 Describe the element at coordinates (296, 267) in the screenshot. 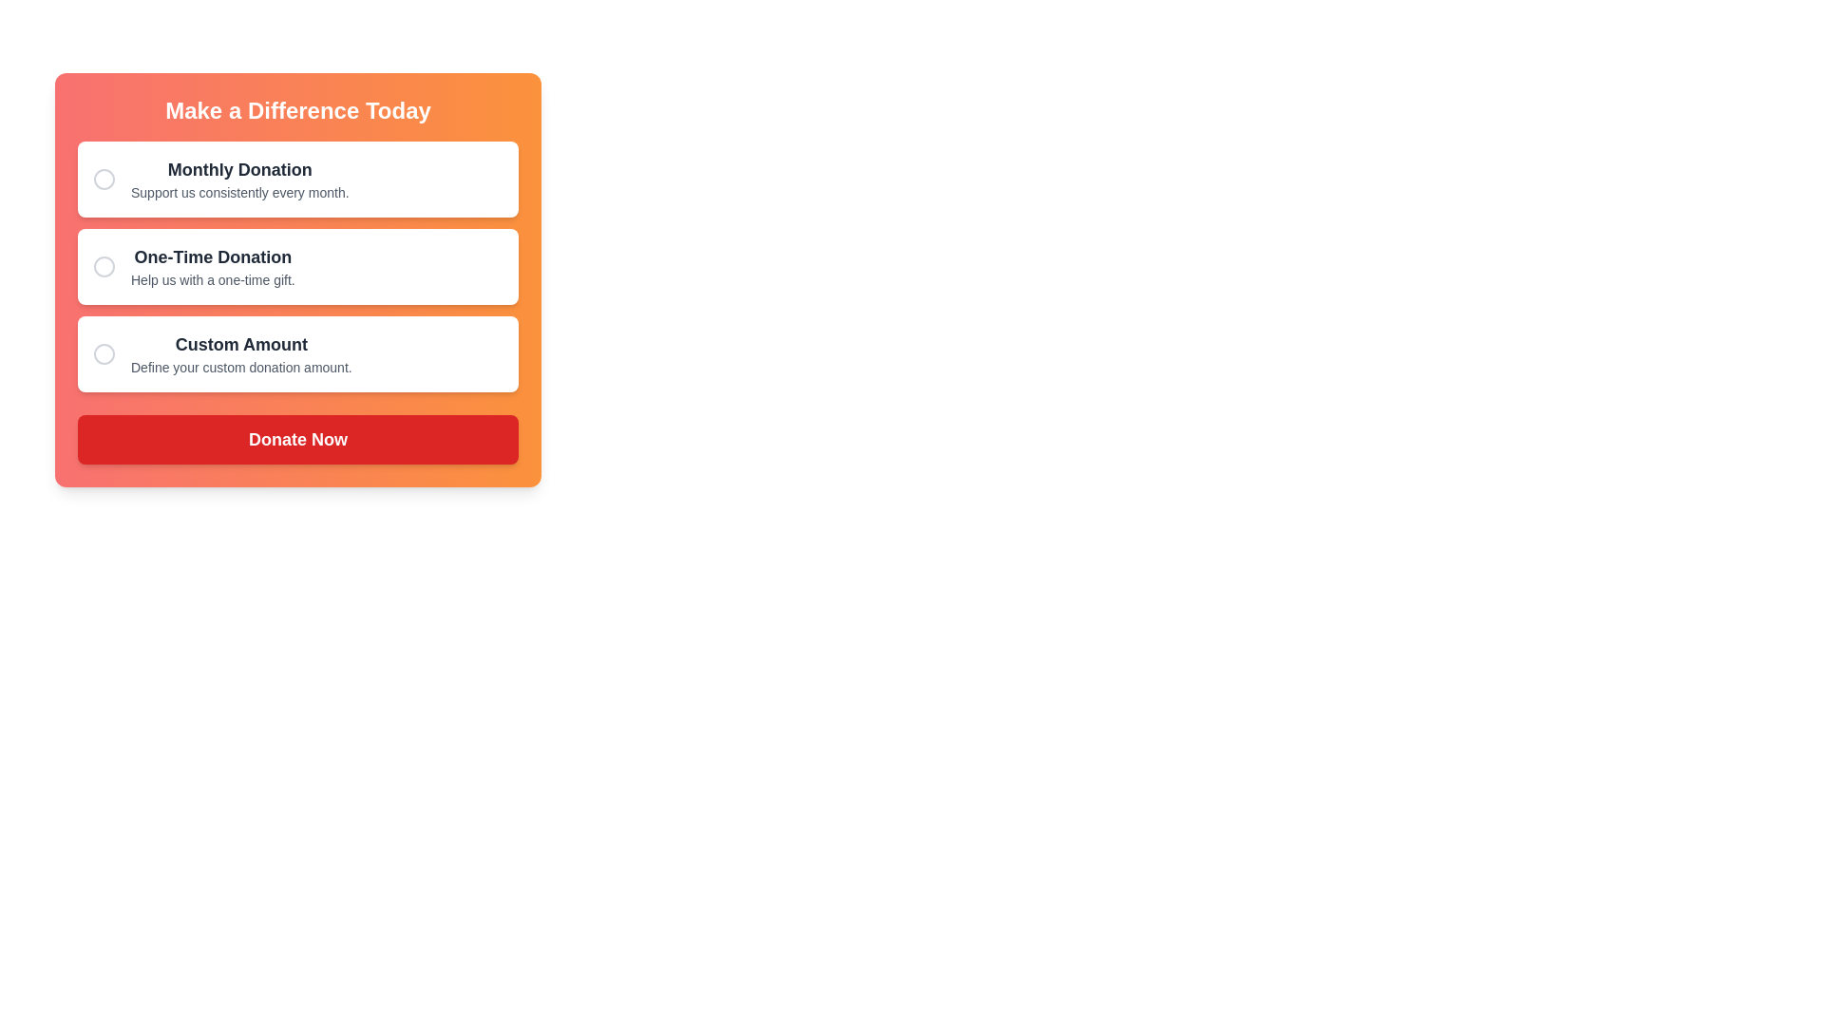

I see `the Choice group containing options for 'Monthly Donation', 'One-Time Donation', and 'Custom Amount'` at that location.